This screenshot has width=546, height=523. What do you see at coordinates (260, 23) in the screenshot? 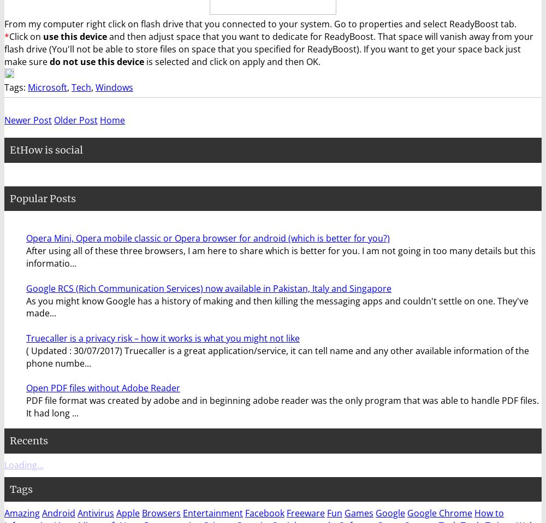
I see `'From my computer right click on flash drive that you connected to your system. Go to properties and select ReadyBoost tab.'` at bounding box center [260, 23].